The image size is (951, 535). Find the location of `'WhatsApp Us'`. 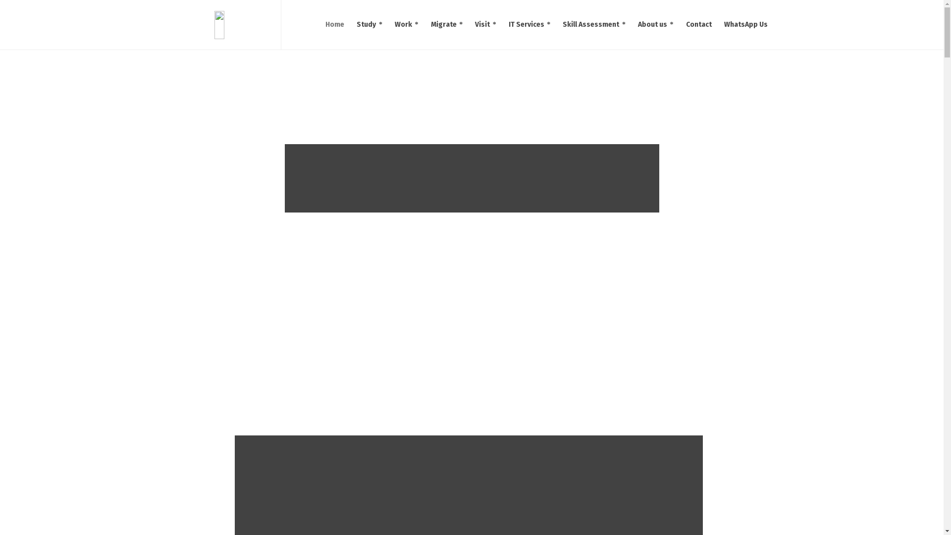

'WhatsApp Us' is located at coordinates (746, 24).